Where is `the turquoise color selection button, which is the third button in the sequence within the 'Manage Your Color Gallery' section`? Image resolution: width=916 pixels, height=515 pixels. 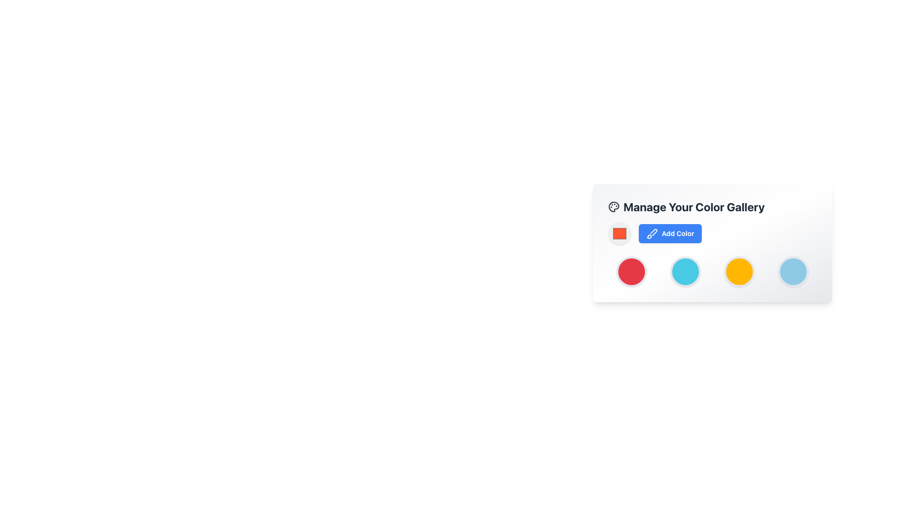
the turquoise color selection button, which is the third button in the sequence within the 'Manage Your Color Gallery' section is located at coordinates (685, 272).